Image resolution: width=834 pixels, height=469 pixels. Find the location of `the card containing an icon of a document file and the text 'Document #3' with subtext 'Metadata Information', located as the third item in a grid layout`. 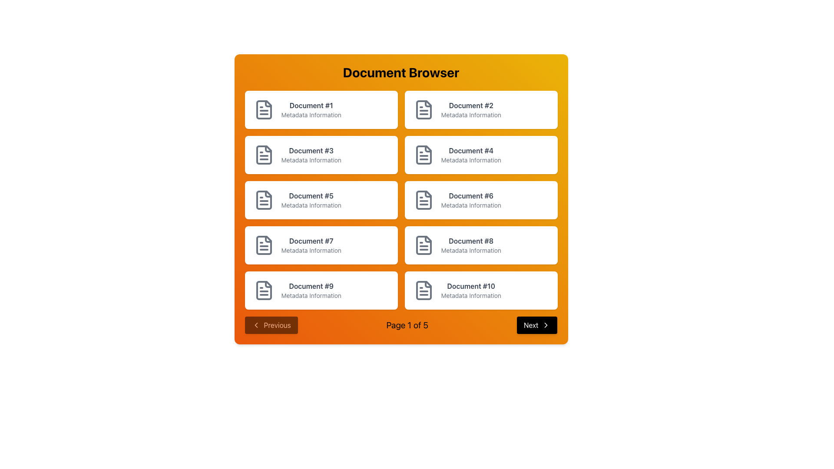

the card containing an icon of a document file and the text 'Document #3' with subtext 'Metadata Information', located as the third item in a grid layout is located at coordinates (321, 155).